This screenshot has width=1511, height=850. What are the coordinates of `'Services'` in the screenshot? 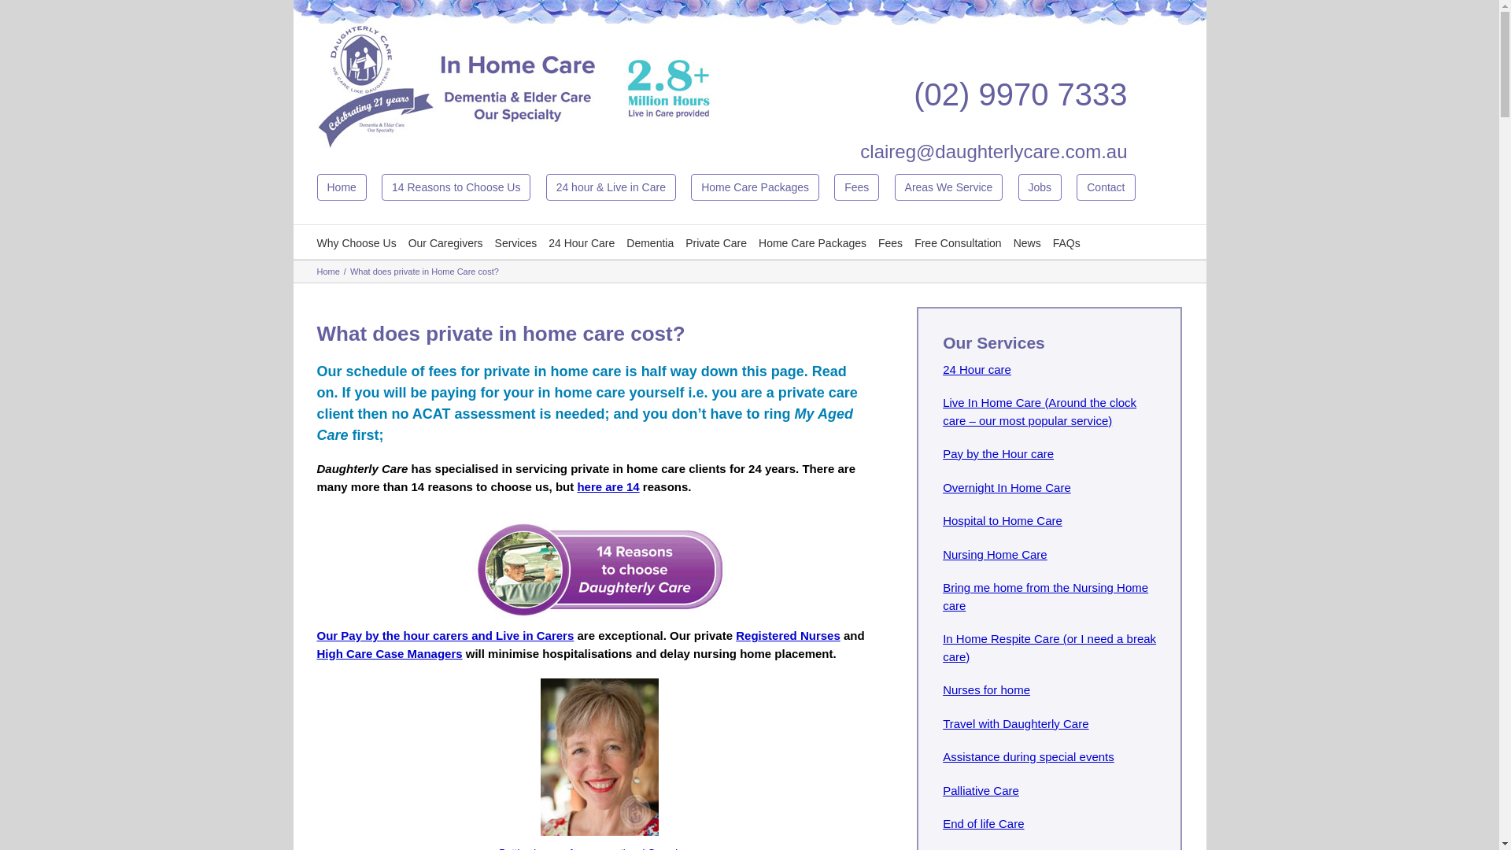 It's located at (516, 242).